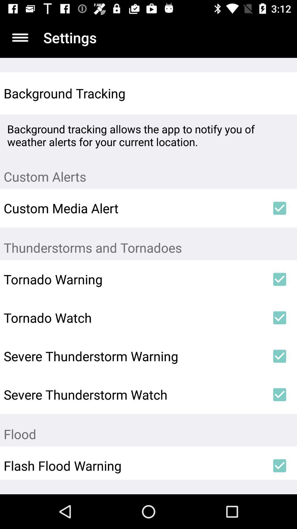 This screenshot has width=297, height=529. What do you see at coordinates (280, 465) in the screenshot?
I see `icon to the right of flash flood warning item` at bounding box center [280, 465].